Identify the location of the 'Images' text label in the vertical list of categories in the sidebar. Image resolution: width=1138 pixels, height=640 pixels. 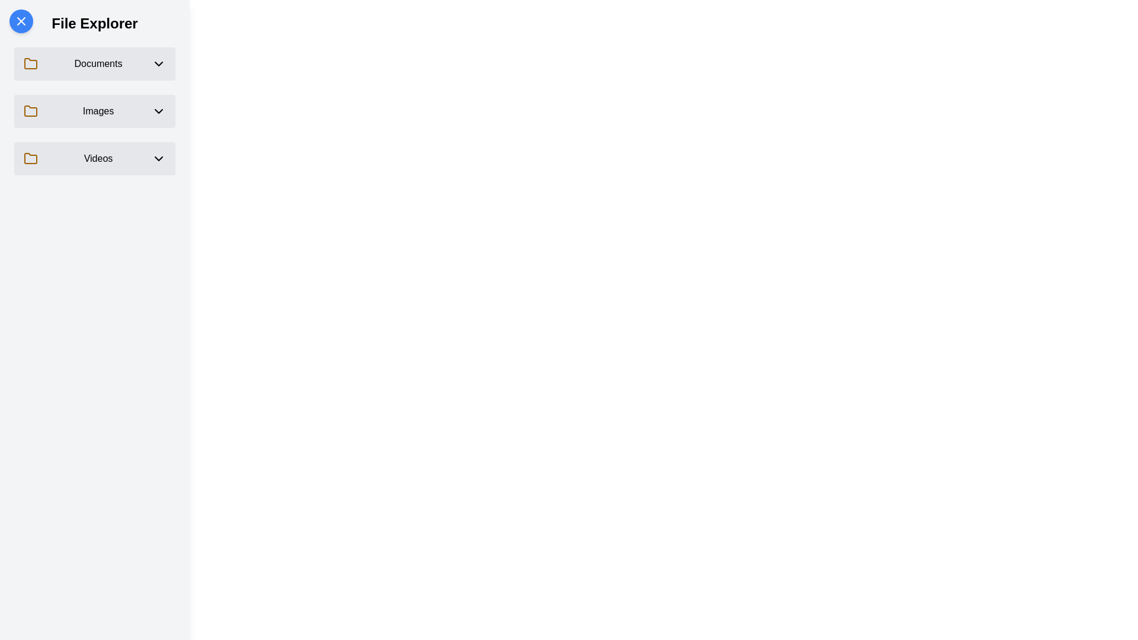
(94, 111).